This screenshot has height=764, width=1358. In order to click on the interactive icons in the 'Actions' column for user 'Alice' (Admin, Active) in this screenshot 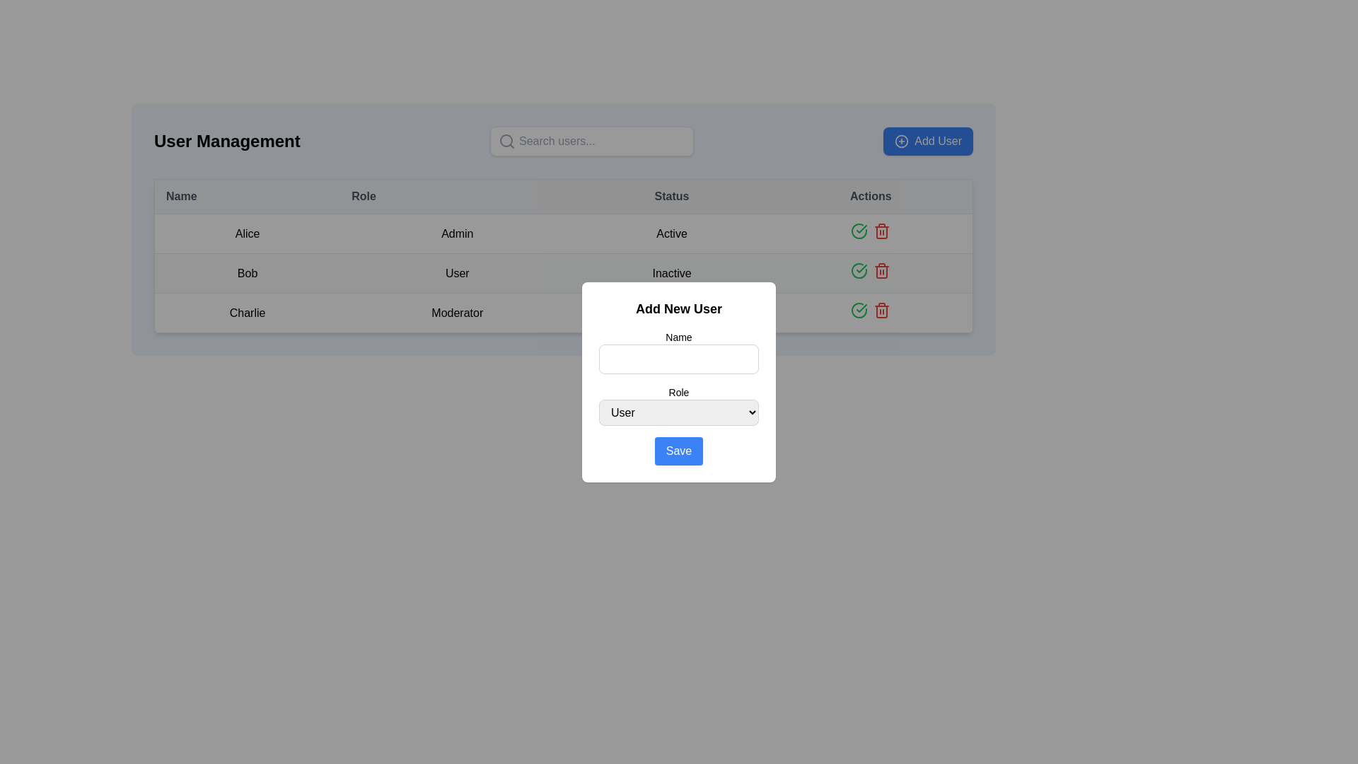, I will do `click(870, 233)`.